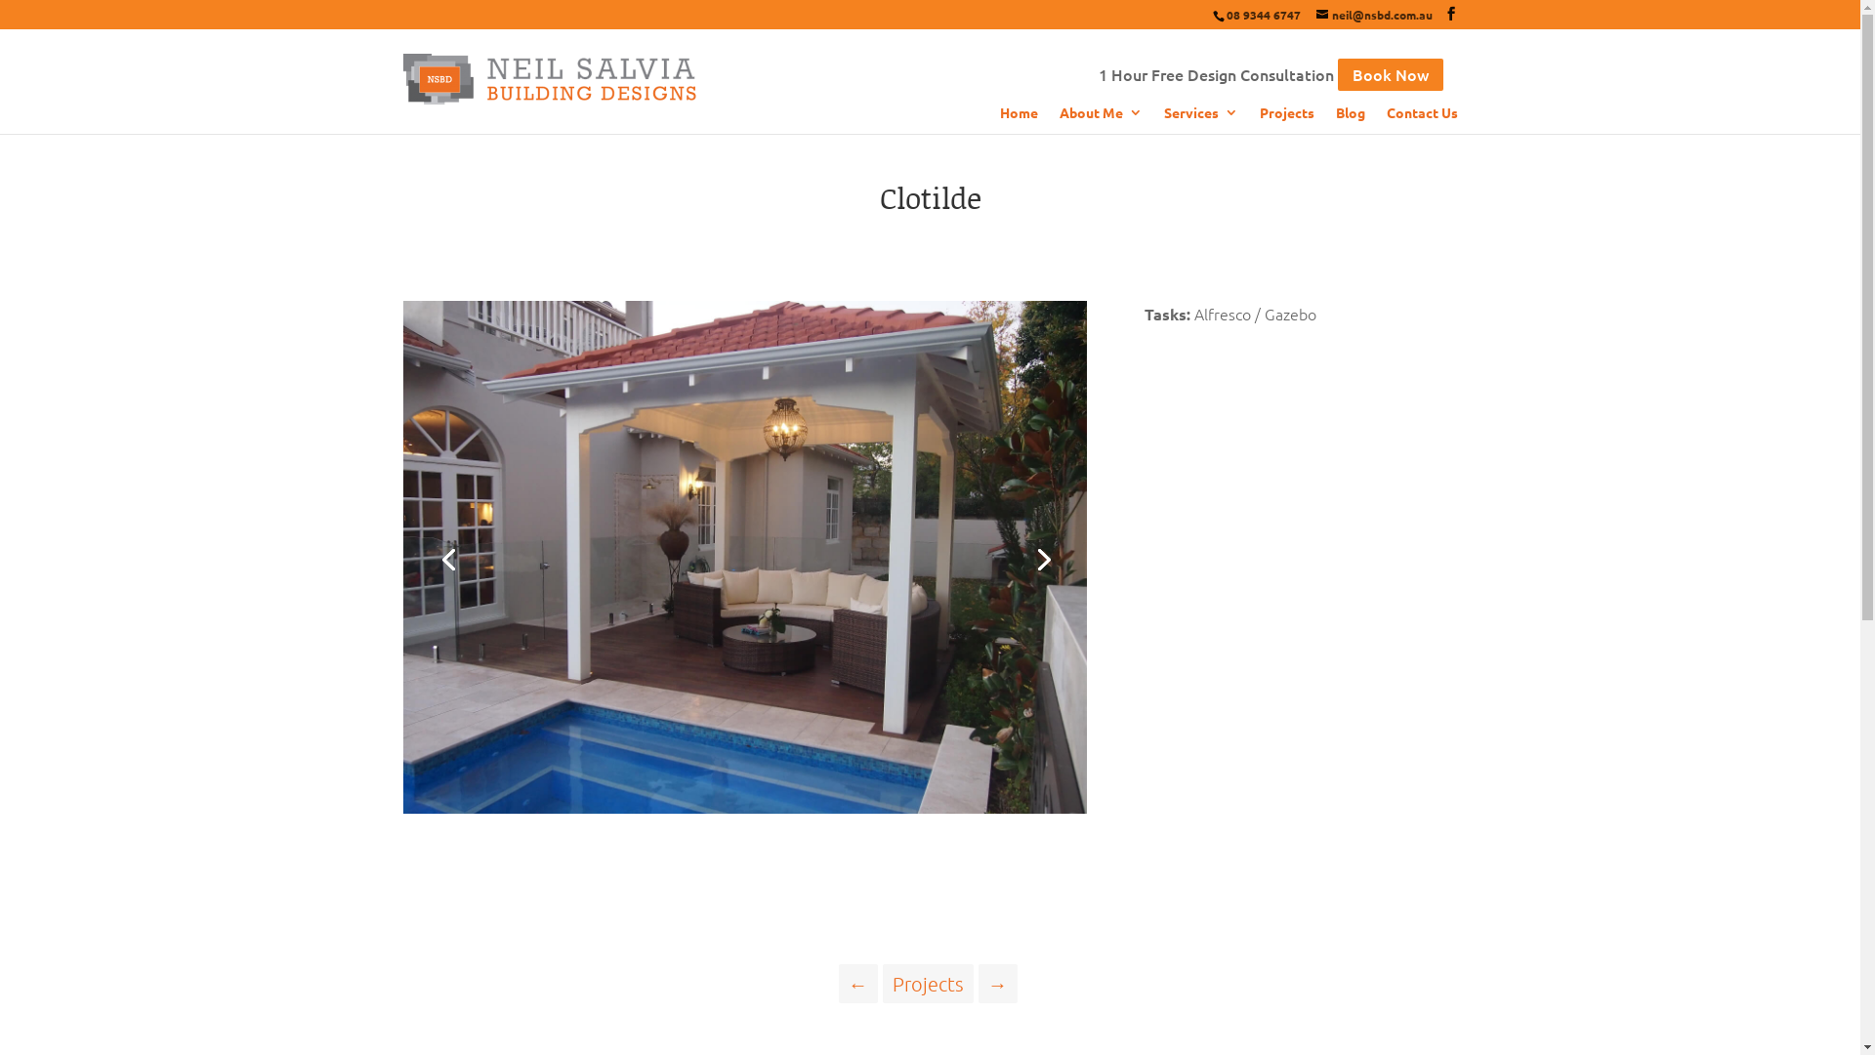 This screenshot has height=1055, width=1875. I want to click on 'neil@nsbd.com.au', so click(1373, 15).